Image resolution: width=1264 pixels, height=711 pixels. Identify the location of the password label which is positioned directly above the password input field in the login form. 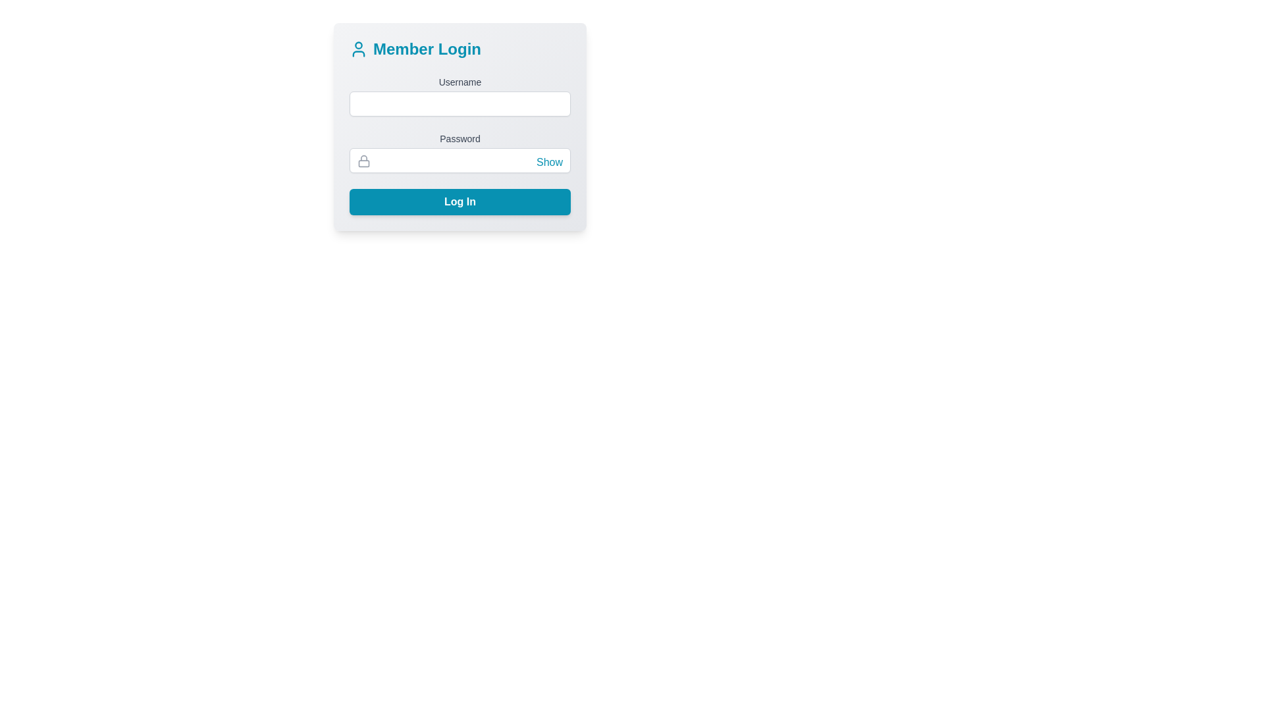
(460, 139).